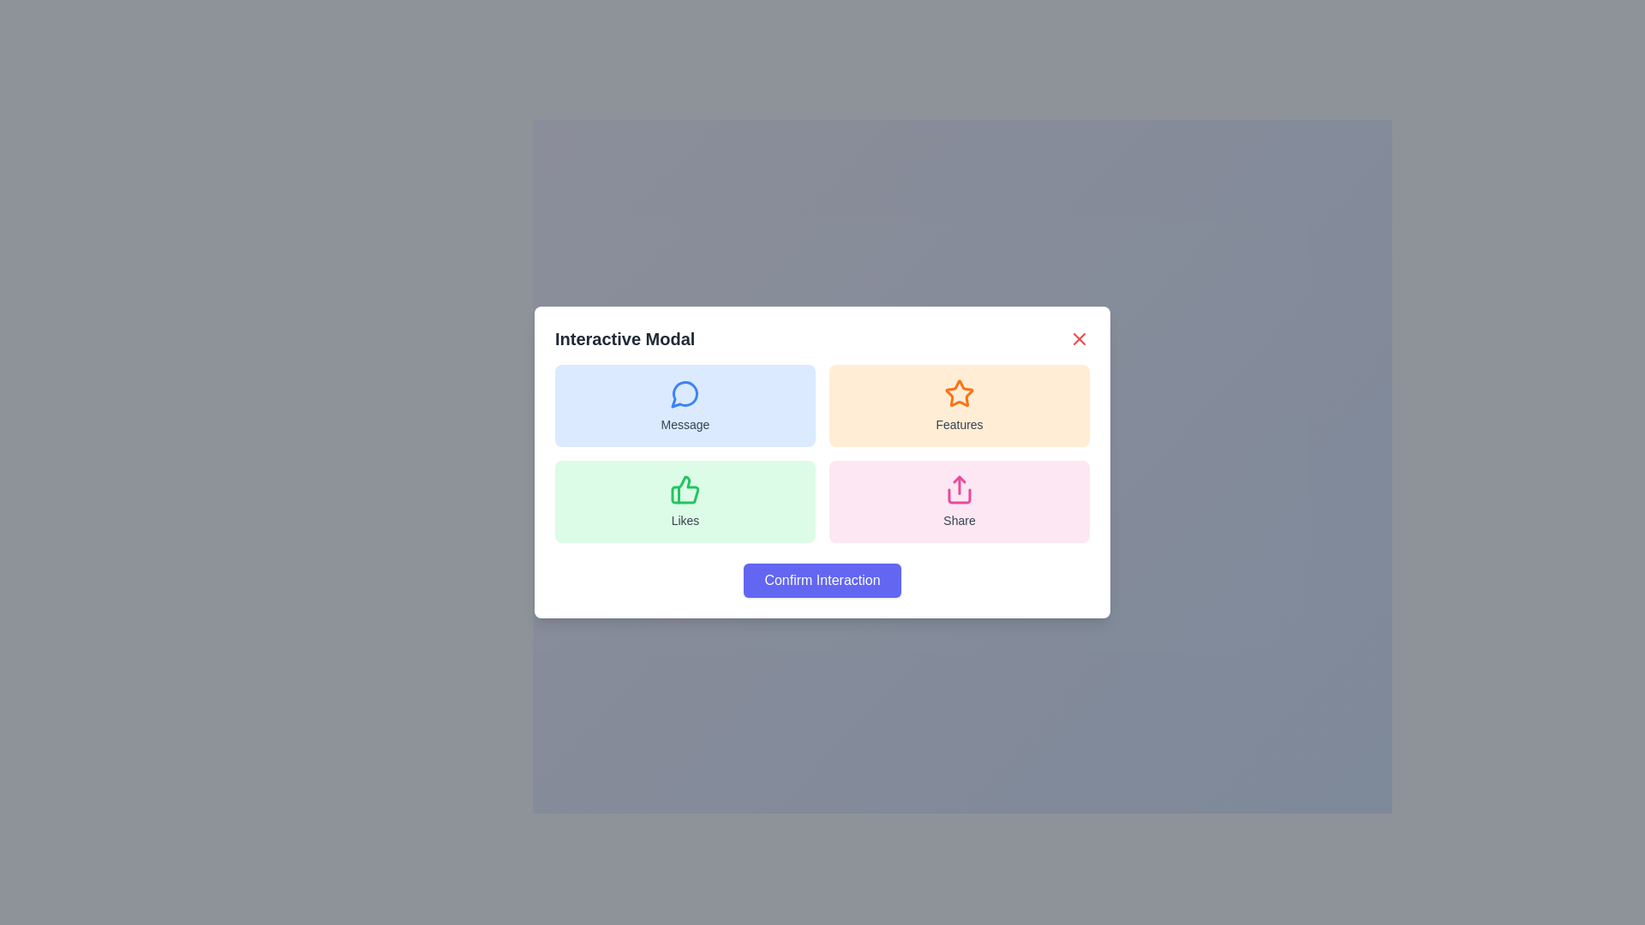 The image size is (1645, 925). I want to click on the red close button with a cross symbol in the top-right corner of the 'Interactive Modal' to trigger the color change interaction, so click(1078, 339).